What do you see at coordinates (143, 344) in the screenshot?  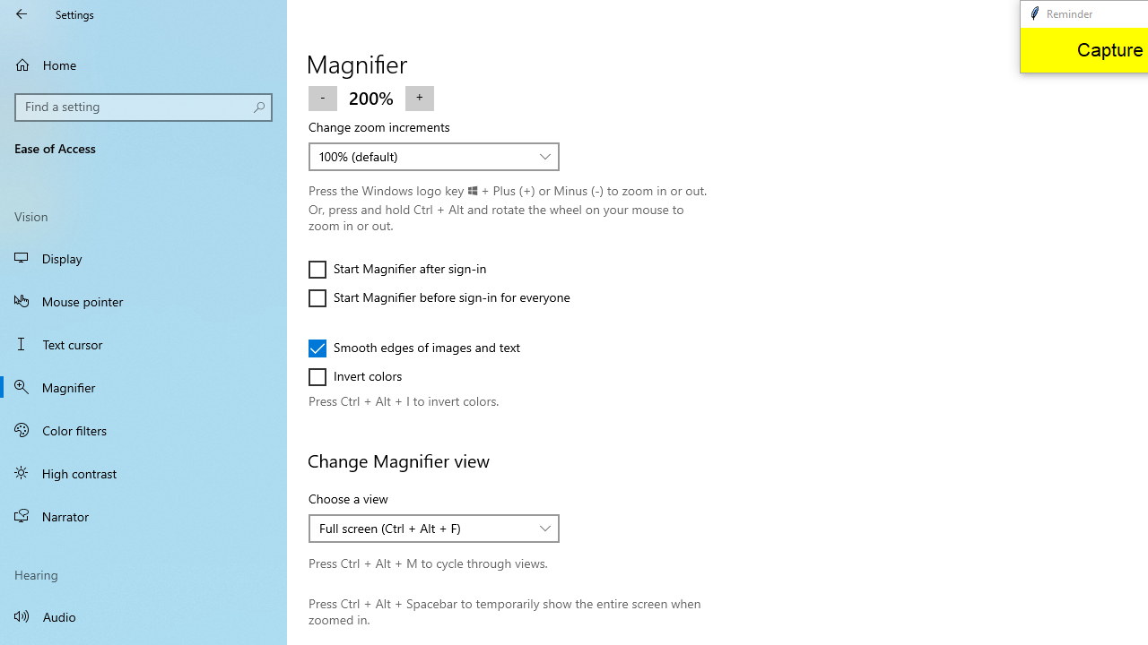 I see `'Text cursor'` at bounding box center [143, 344].